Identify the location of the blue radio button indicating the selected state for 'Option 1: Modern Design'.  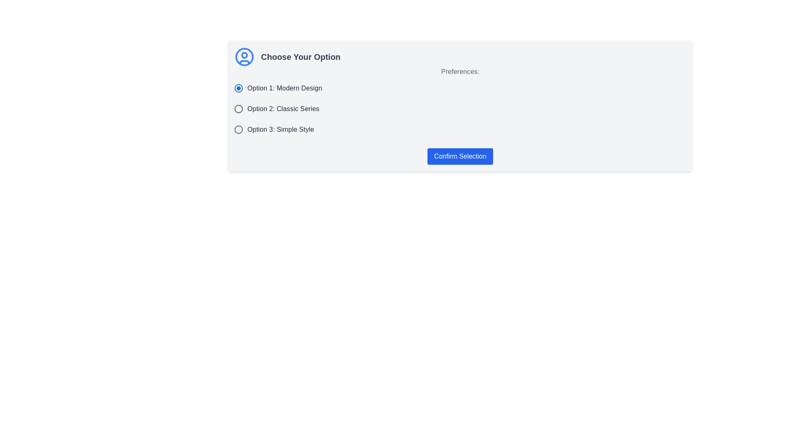
(238, 88).